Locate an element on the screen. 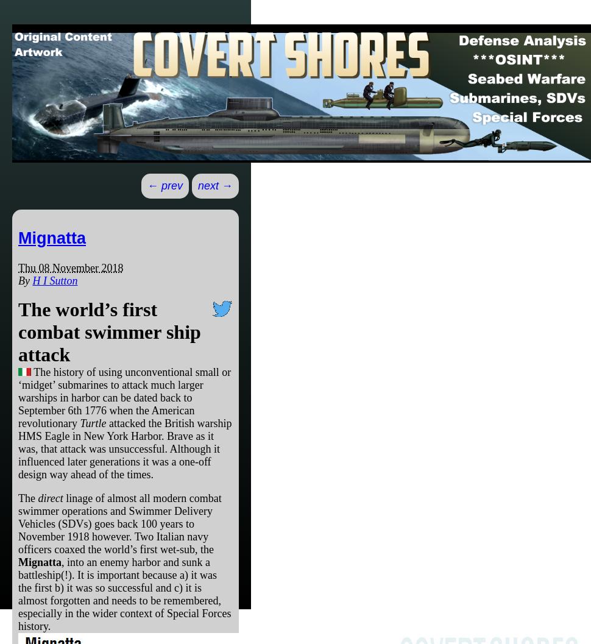 This screenshot has width=591, height=644. 'linage of almost all modern combat swimmer operations and Swimmer Delivery Vehicles (SDVs) goes back 100 years to November 1918 however. Two Italian navy officers coaxed the world’s first wet-sub, the' is located at coordinates (119, 523).